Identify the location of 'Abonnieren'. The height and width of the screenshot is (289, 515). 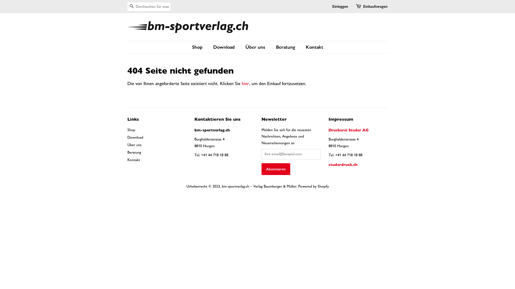
(276, 169).